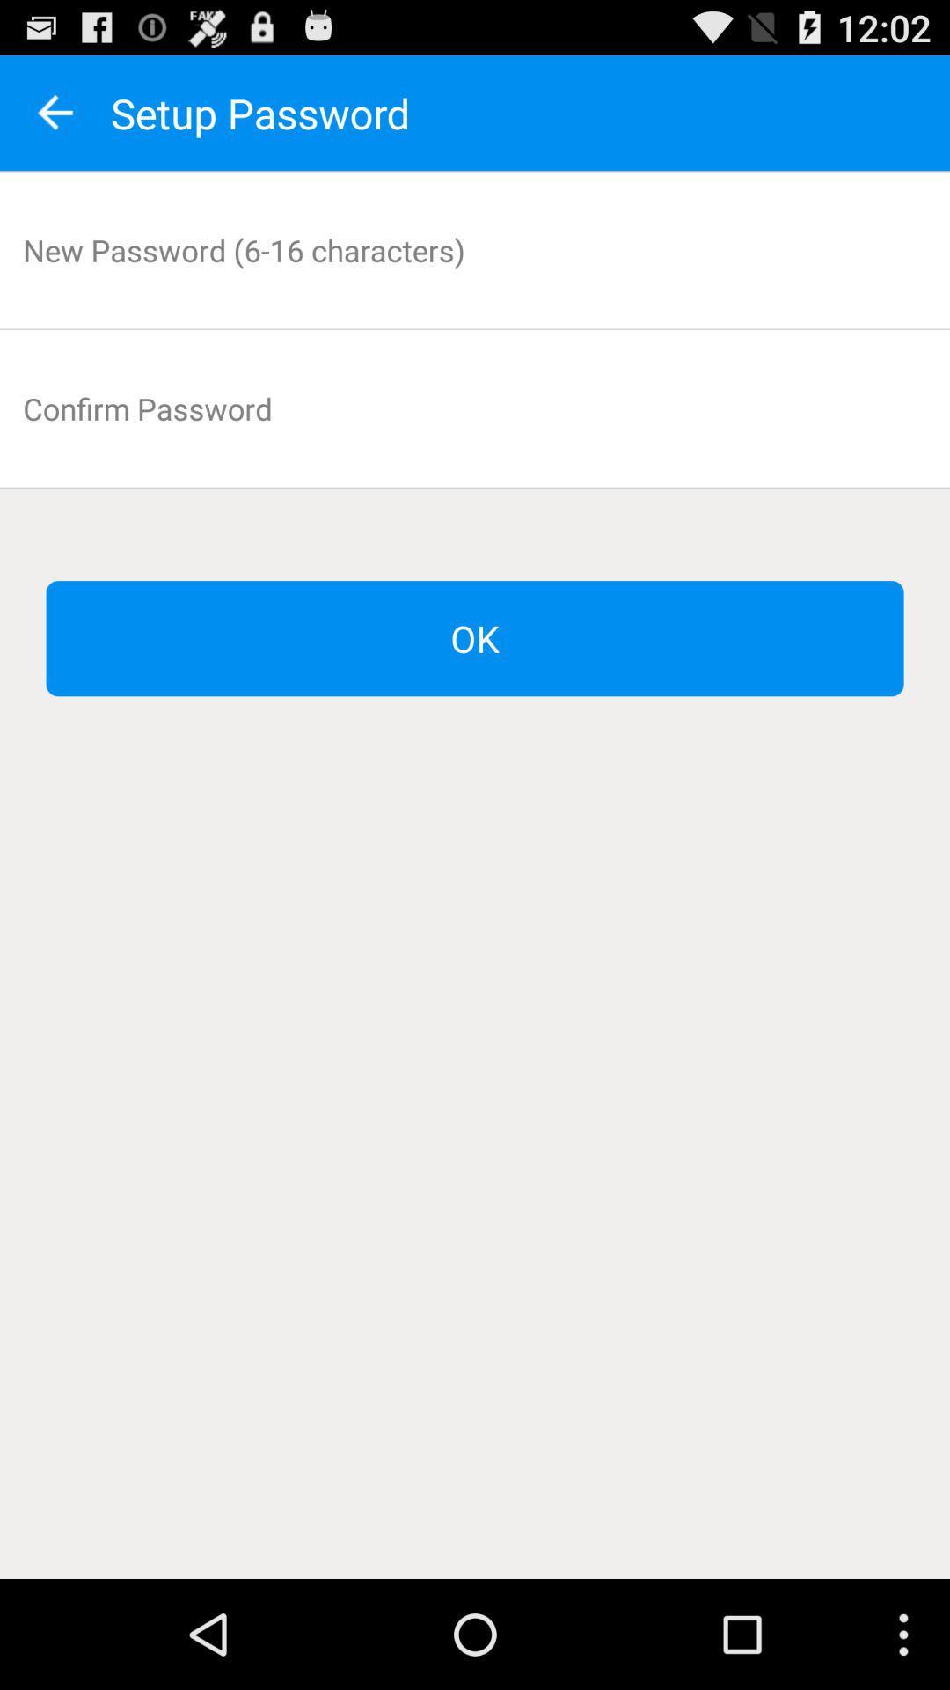 The width and height of the screenshot is (950, 1690). I want to click on the ok item, so click(475, 637).